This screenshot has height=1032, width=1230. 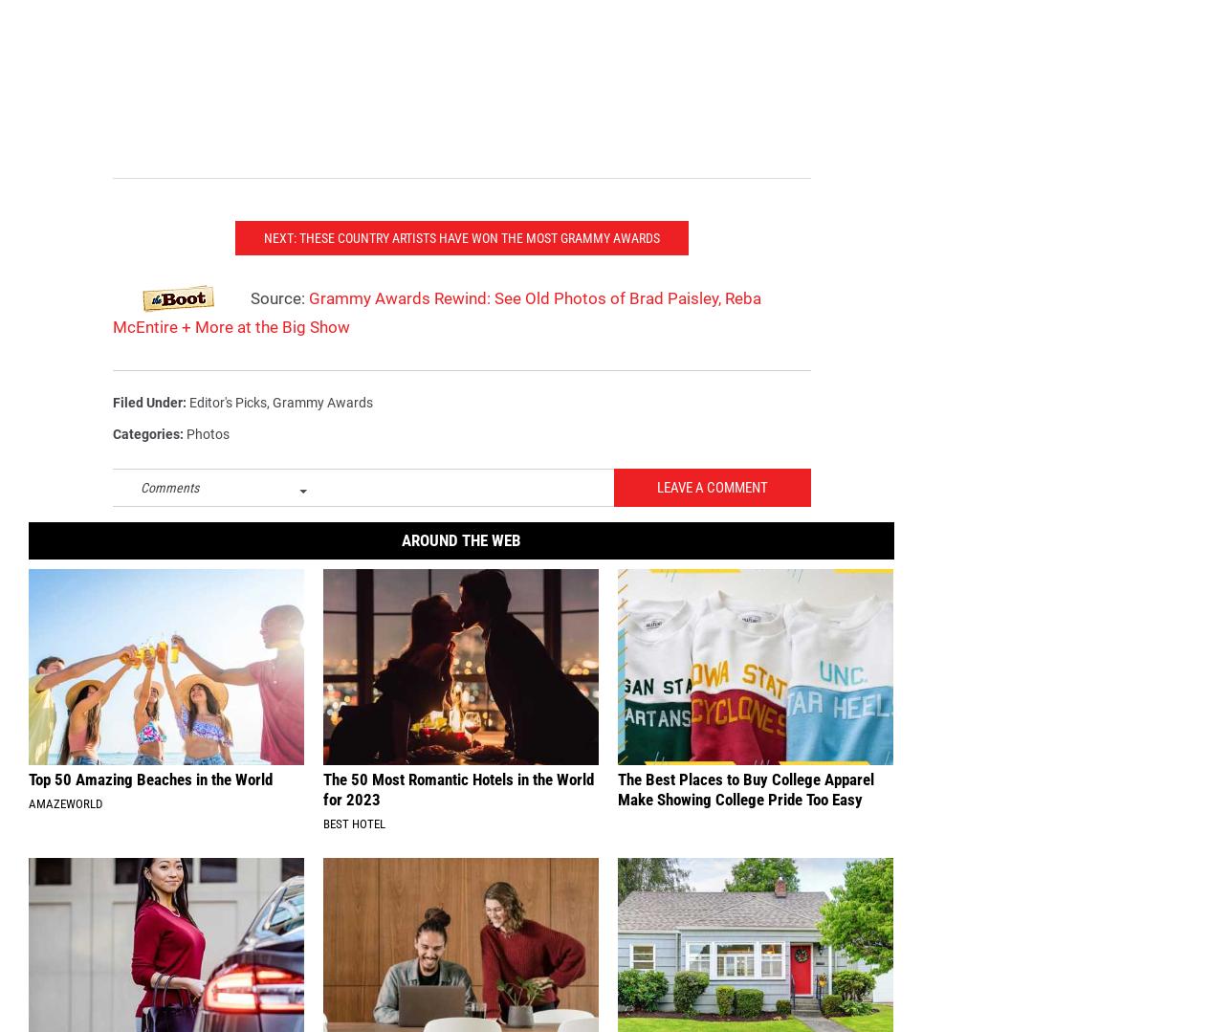 What do you see at coordinates (186, 463) in the screenshot?
I see `'Photos'` at bounding box center [186, 463].